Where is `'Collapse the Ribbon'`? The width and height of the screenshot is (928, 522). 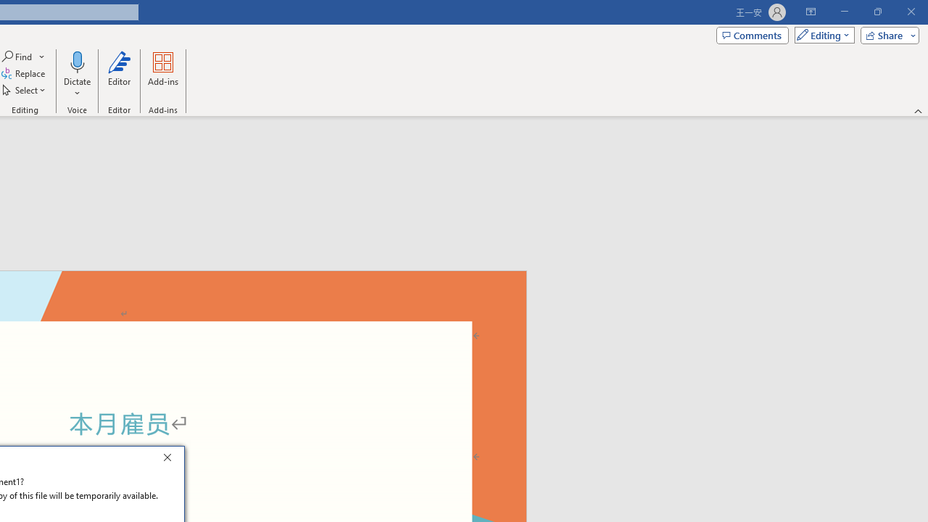
'Collapse the Ribbon' is located at coordinates (918, 110).